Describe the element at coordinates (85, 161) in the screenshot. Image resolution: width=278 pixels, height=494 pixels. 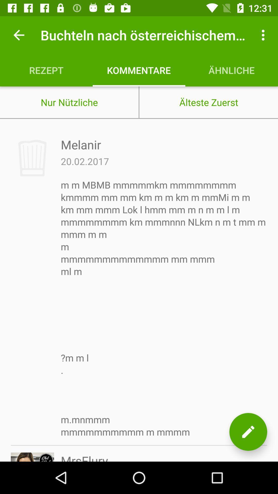
I see `20.02.2017 icon` at that location.